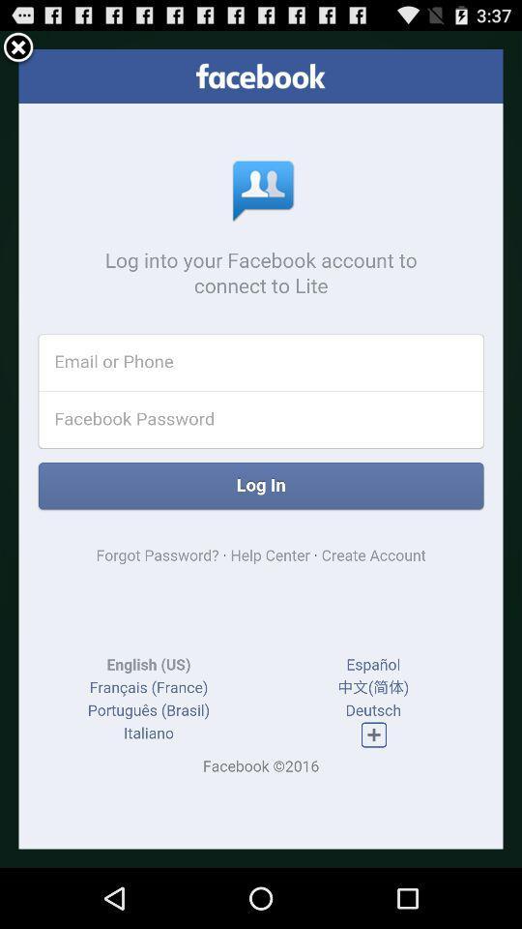 This screenshot has width=522, height=929. What do you see at coordinates (17, 49) in the screenshot?
I see `the close icon` at bounding box center [17, 49].